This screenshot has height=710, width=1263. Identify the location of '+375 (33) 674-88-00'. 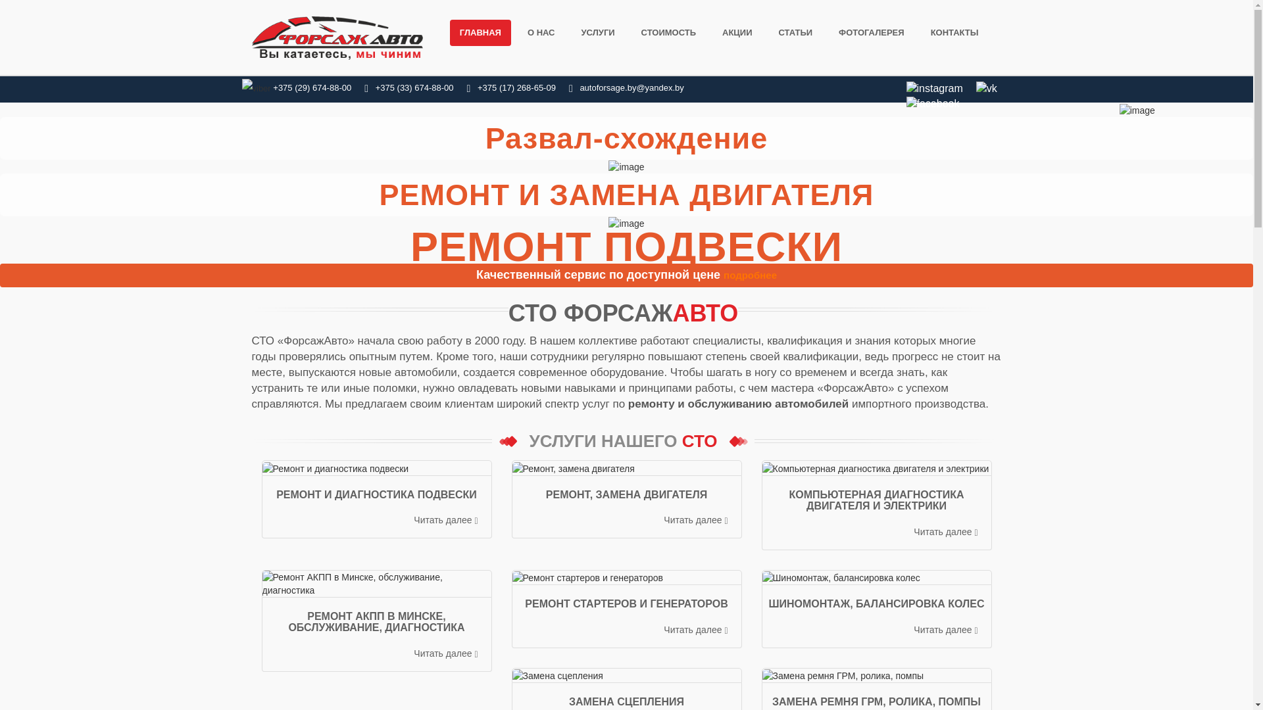
(364, 87).